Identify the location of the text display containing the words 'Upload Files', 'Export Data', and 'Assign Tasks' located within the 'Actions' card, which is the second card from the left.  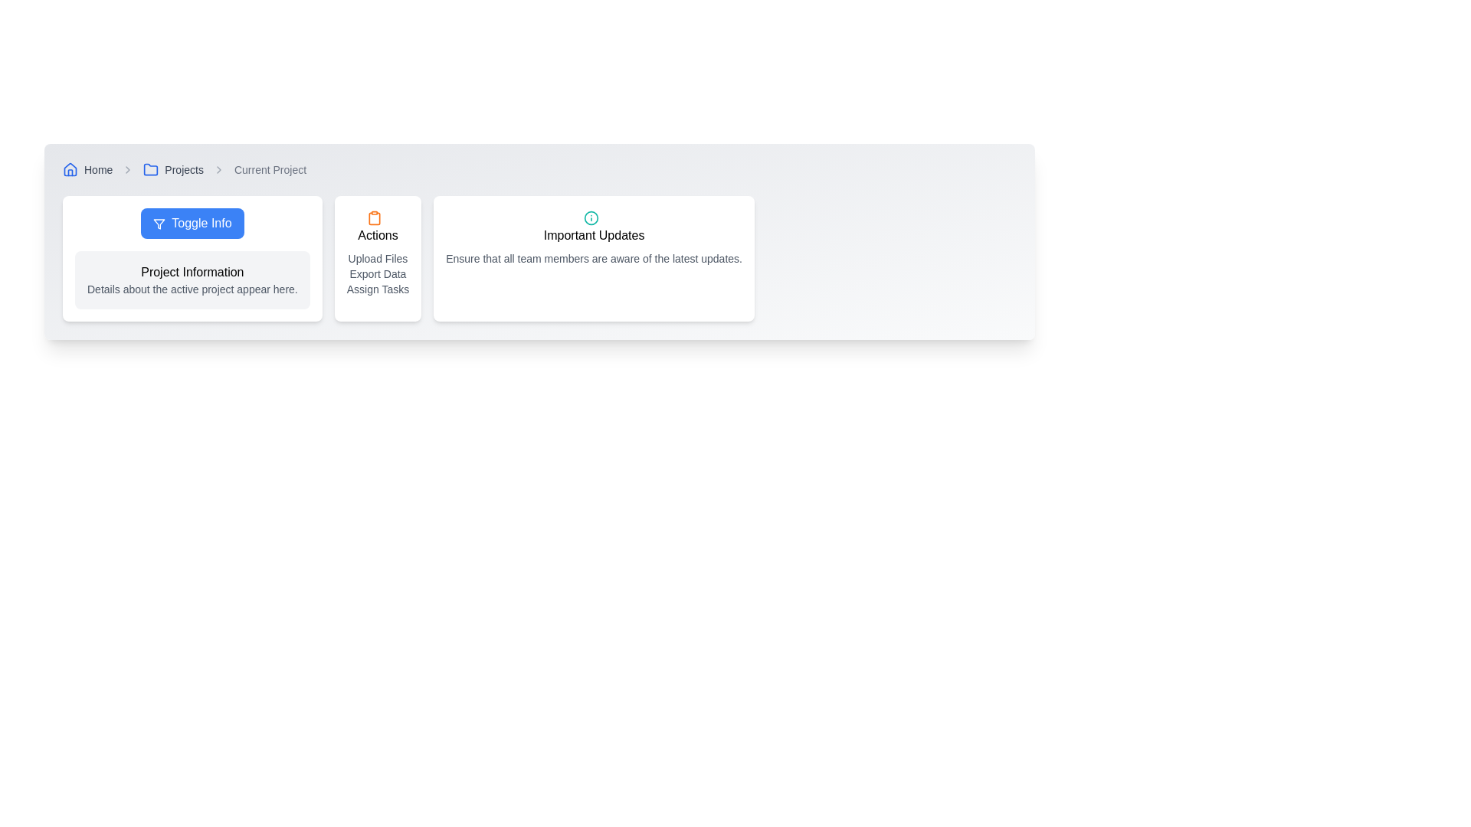
(378, 273).